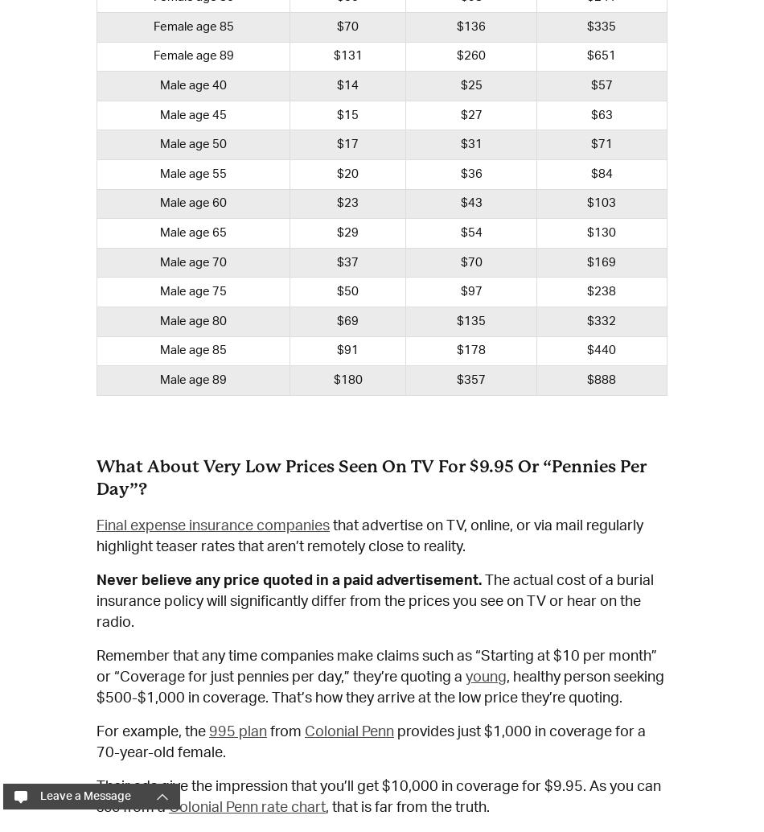  I want to click on 'Male age 50', so click(160, 144).